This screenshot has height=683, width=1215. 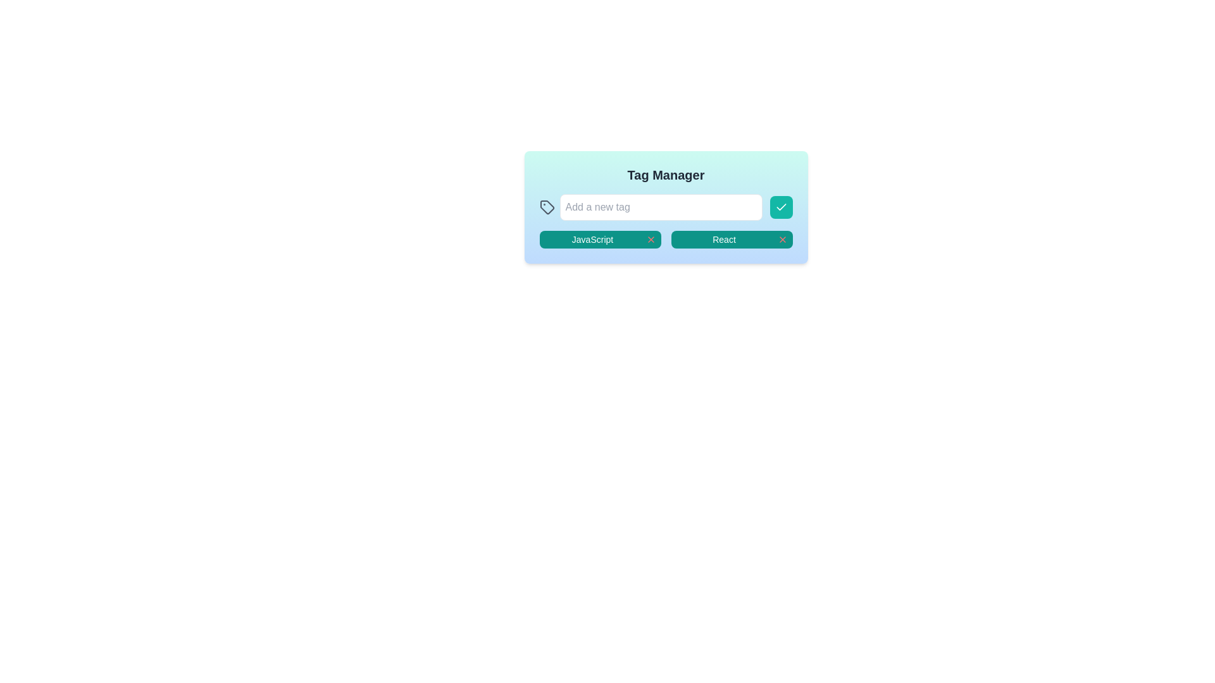 What do you see at coordinates (599, 239) in the screenshot?
I see `the 'JavaScript' tag button, which is the first item in a horizontal list of tags within a grid layout` at bounding box center [599, 239].